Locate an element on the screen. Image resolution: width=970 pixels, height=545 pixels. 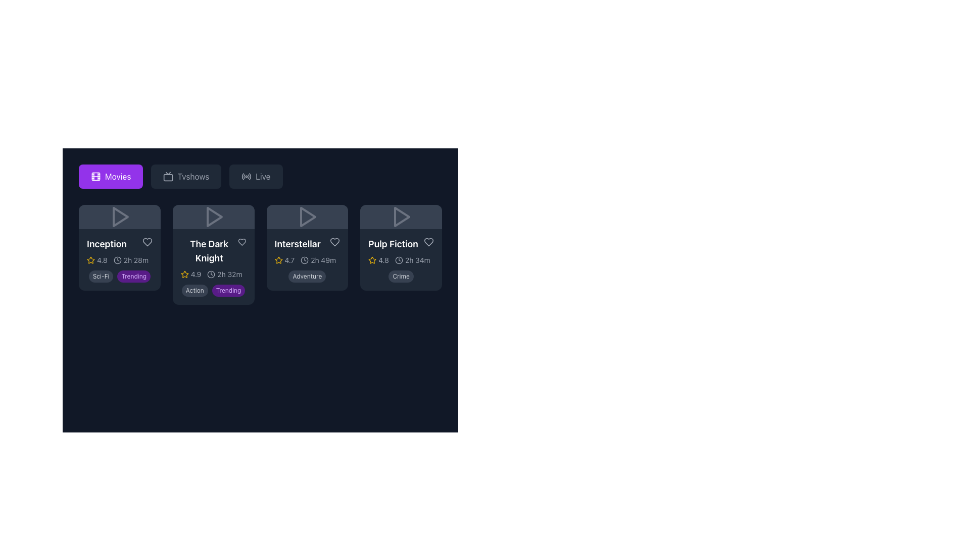
the heart-shaped icon button for 'The Dark Knight' is located at coordinates (241, 242).